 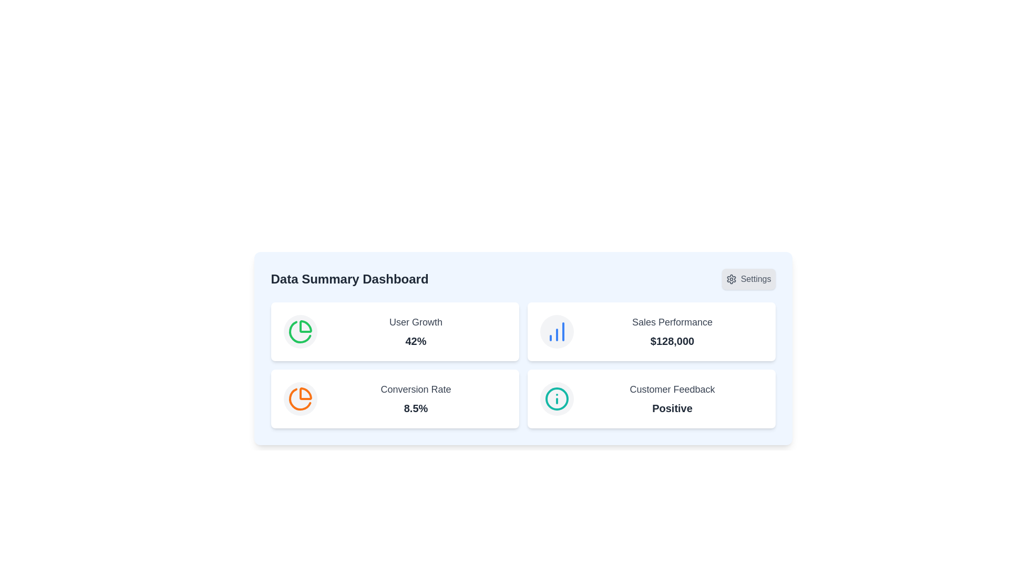 I want to click on 'Conversion Rate' text label, which is styled with a medium-sized font in gray, located above the '8.5%' text within the dashboard interface, so click(x=415, y=389).